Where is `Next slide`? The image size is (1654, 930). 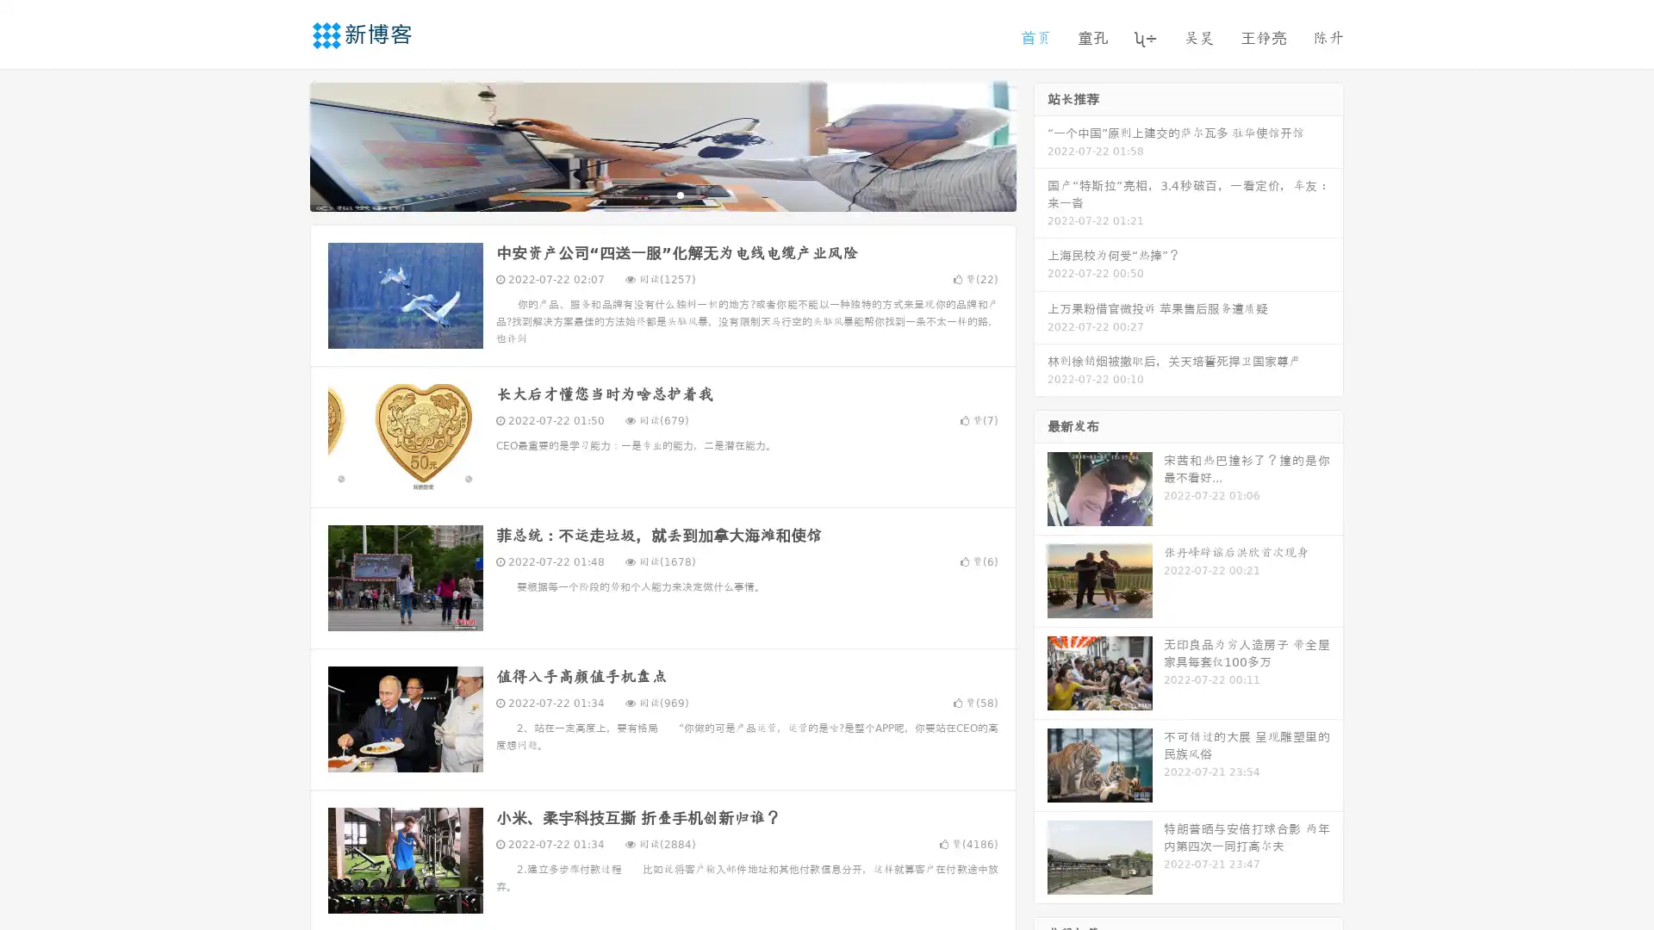 Next slide is located at coordinates (1041, 145).